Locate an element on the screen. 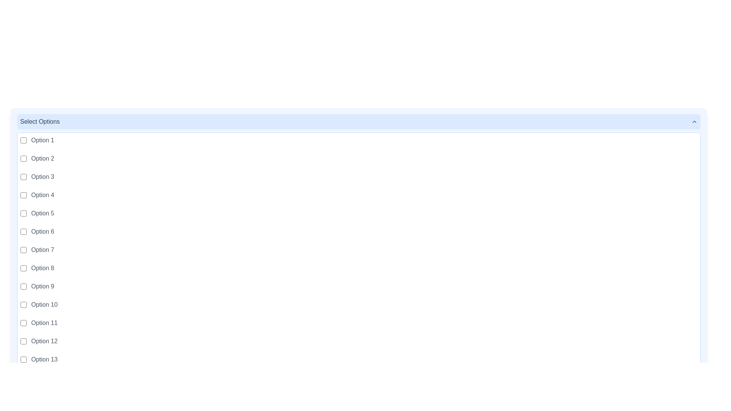 This screenshot has width=731, height=411. the text label displaying 'Option 10' which is aligned beside a checkbox in a vertical list is located at coordinates (44, 304).